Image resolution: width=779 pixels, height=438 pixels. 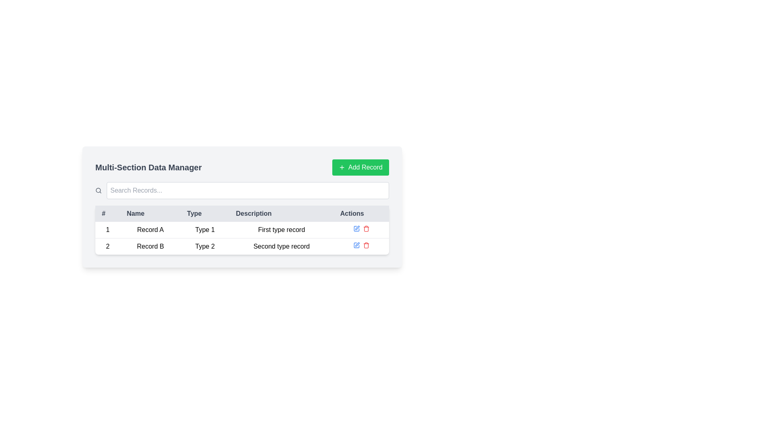 What do you see at coordinates (361, 246) in the screenshot?
I see `the Action Panel in the second row of the table under the 'Actions' header` at bounding box center [361, 246].